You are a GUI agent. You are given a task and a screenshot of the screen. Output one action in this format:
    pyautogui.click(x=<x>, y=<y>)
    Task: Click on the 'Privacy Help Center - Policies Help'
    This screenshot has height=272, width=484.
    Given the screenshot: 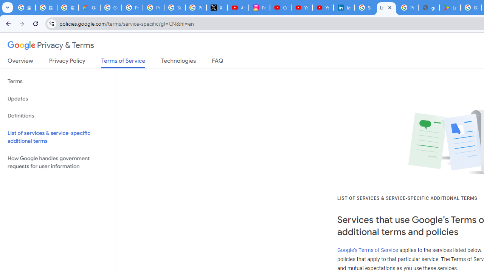 What is the action you would take?
    pyautogui.click(x=153, y=8)
    